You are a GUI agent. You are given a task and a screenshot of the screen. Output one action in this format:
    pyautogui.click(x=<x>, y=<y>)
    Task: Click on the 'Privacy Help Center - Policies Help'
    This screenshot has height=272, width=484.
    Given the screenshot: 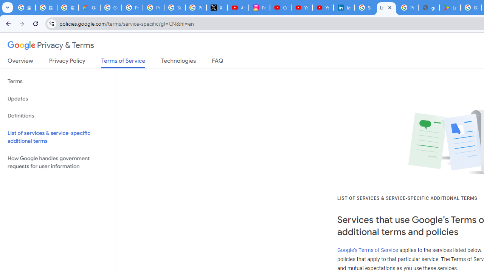 What is the action you would take?
    pyautogui.click(x=153, y=8)
    